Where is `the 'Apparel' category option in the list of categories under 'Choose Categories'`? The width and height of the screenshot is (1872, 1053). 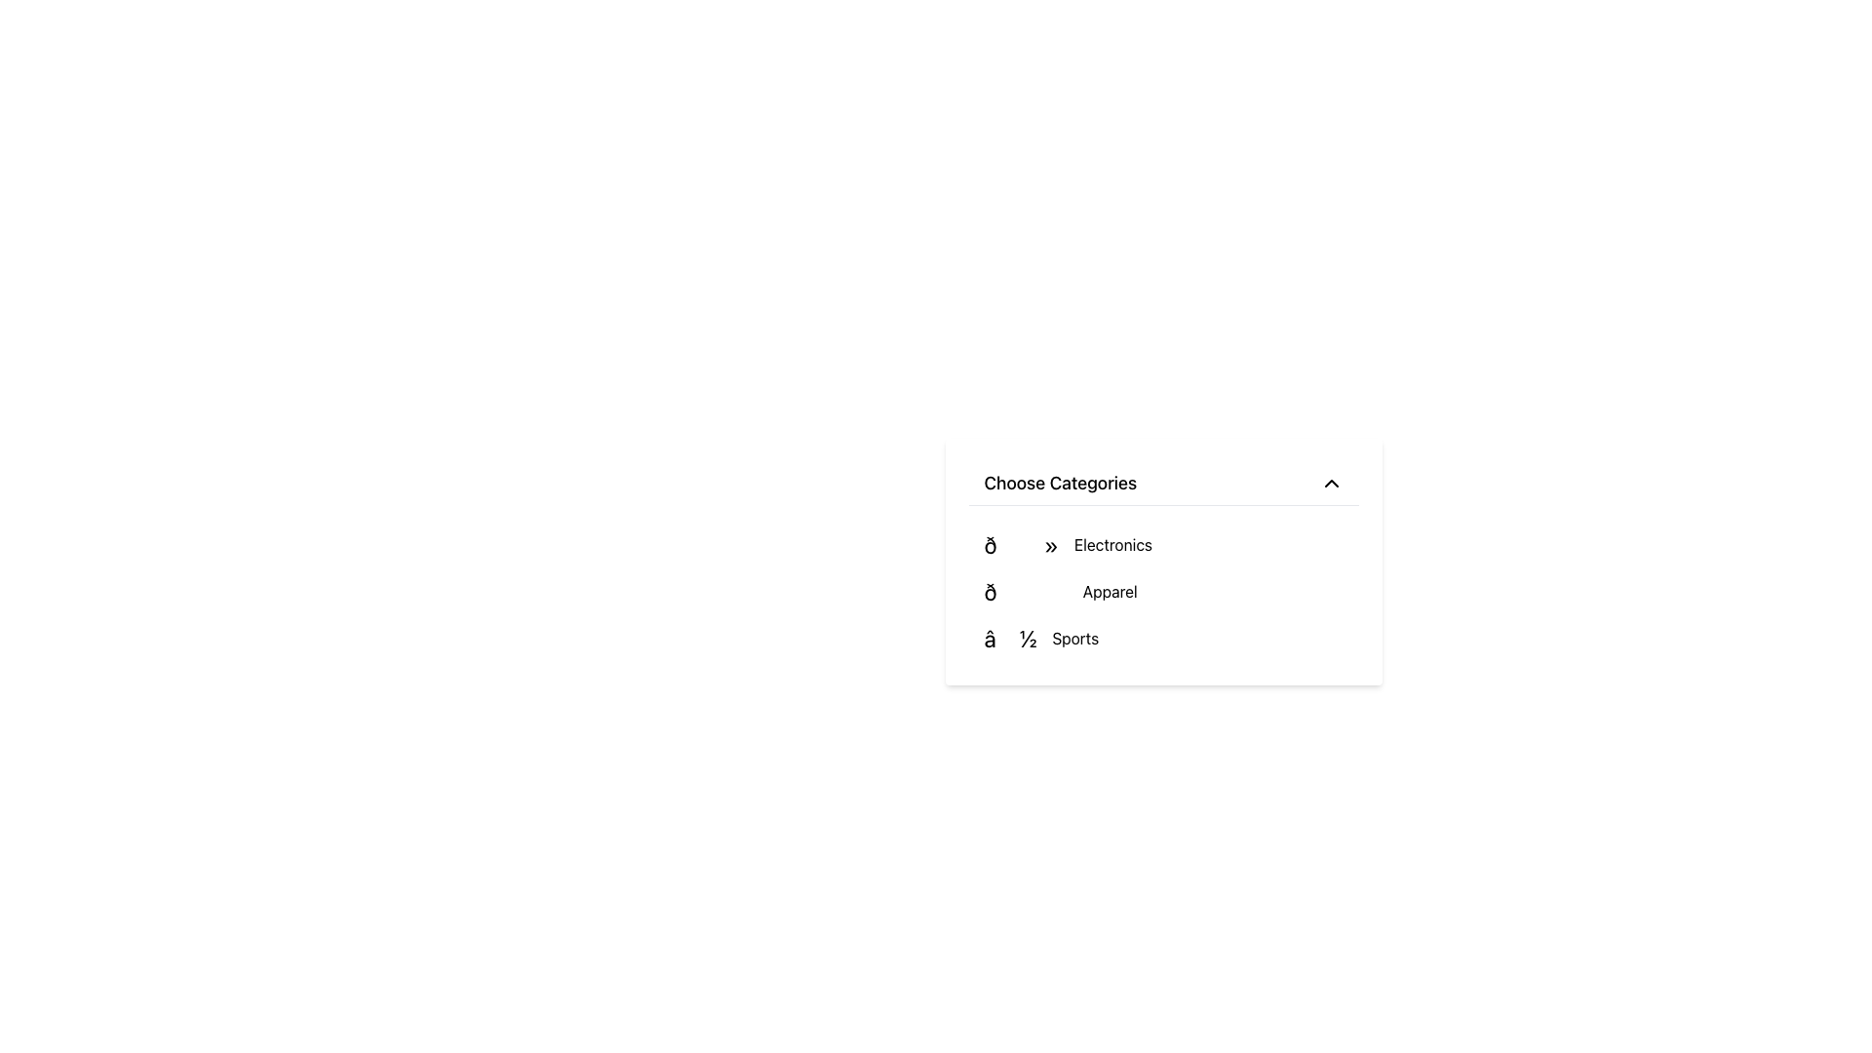
the 'Apparel' category option in the list of categories under 'Choose Categories' is located at coordinates (1163, 590).